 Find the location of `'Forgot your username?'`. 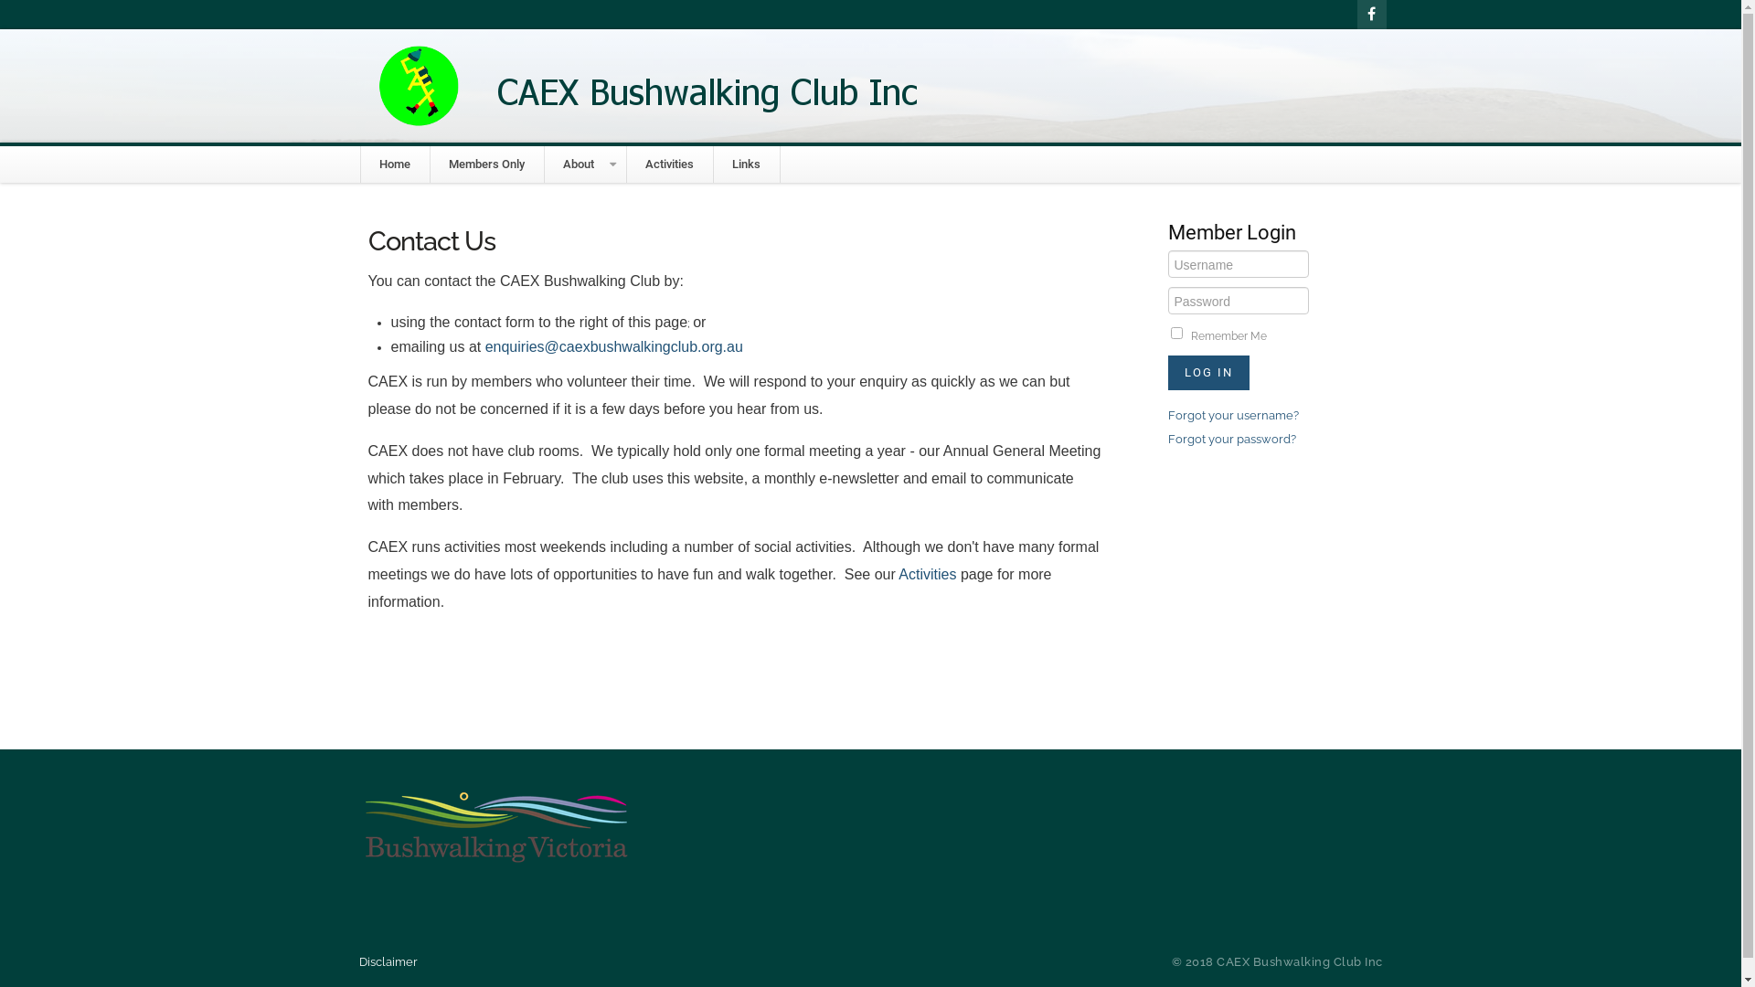

'Forgot your username?' is located at coordinates (1233, 415).